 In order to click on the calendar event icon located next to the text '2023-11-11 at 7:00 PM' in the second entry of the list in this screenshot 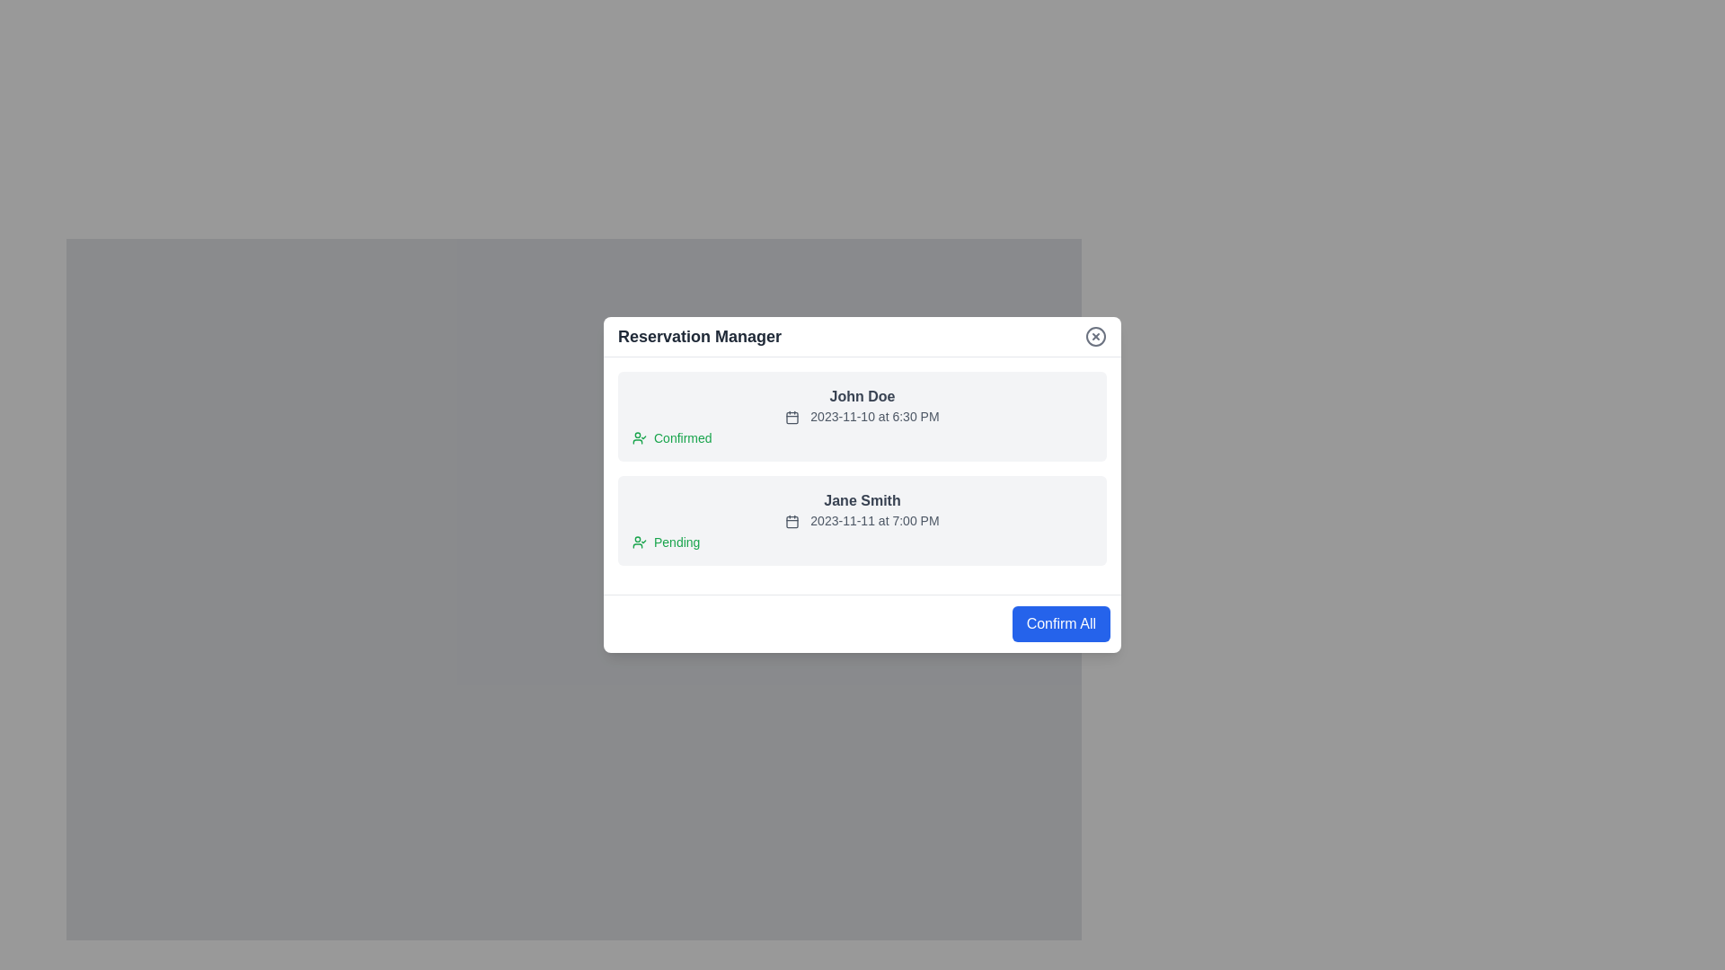, I will do `click(792, 522)`.